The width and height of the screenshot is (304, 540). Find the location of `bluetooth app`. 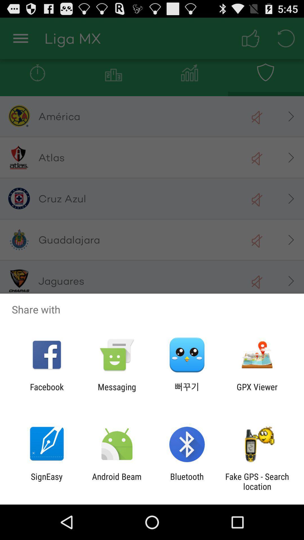

bluetooth app is located at coordinates (187, 481).